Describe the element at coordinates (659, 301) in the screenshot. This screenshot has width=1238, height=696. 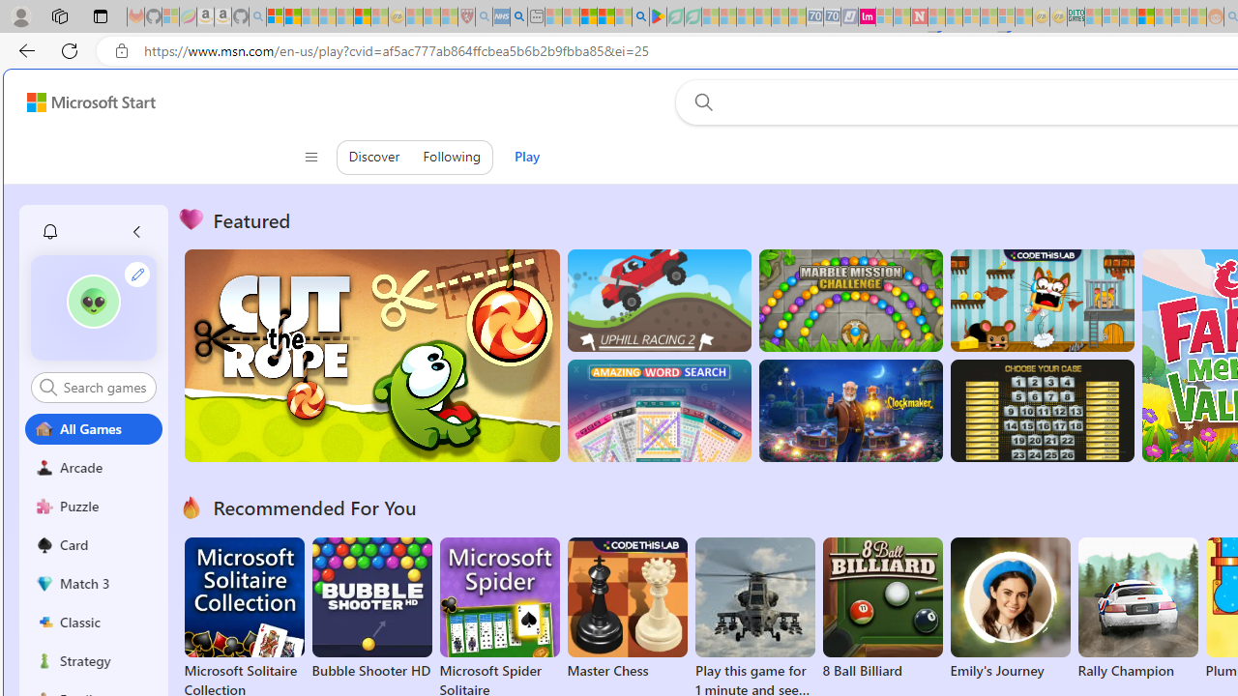
I see `'Up Hill Racing 2'` at that location.